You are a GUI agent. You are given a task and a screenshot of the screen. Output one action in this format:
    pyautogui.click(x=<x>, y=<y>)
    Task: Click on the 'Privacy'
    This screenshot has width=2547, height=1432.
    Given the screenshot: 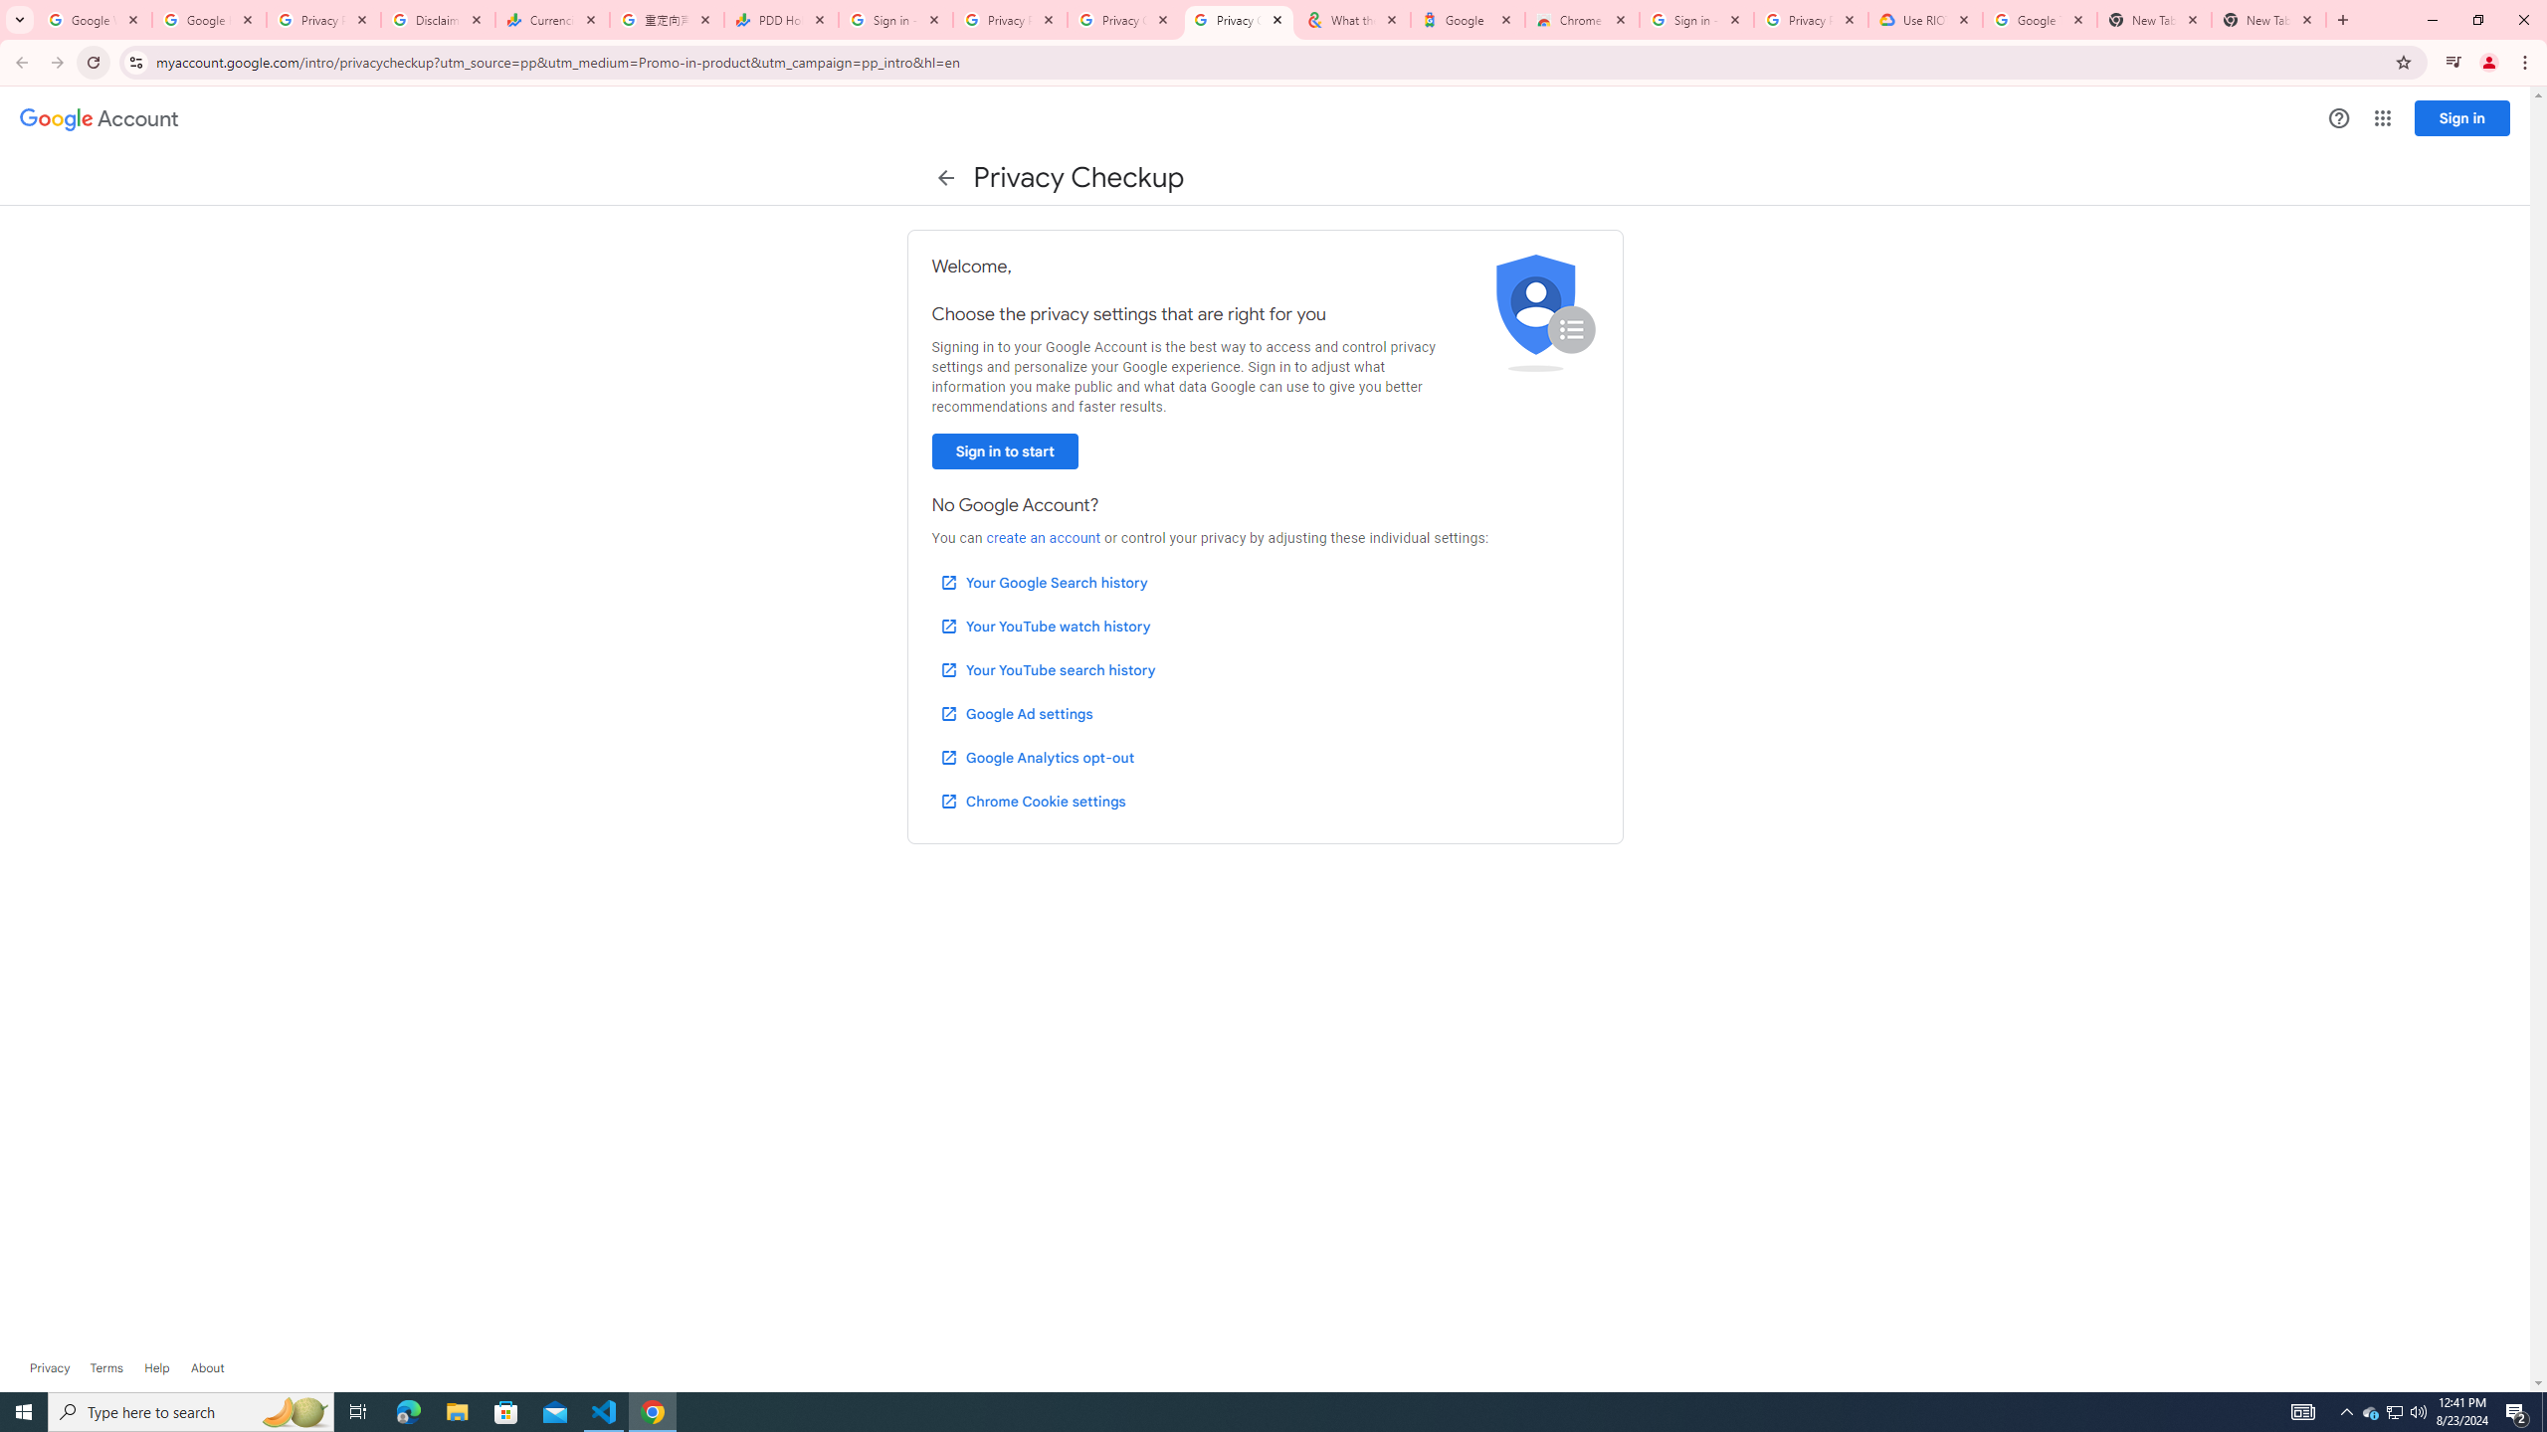 What is the action you would take?
    pyautogui.click(x=50, y=1366)
    